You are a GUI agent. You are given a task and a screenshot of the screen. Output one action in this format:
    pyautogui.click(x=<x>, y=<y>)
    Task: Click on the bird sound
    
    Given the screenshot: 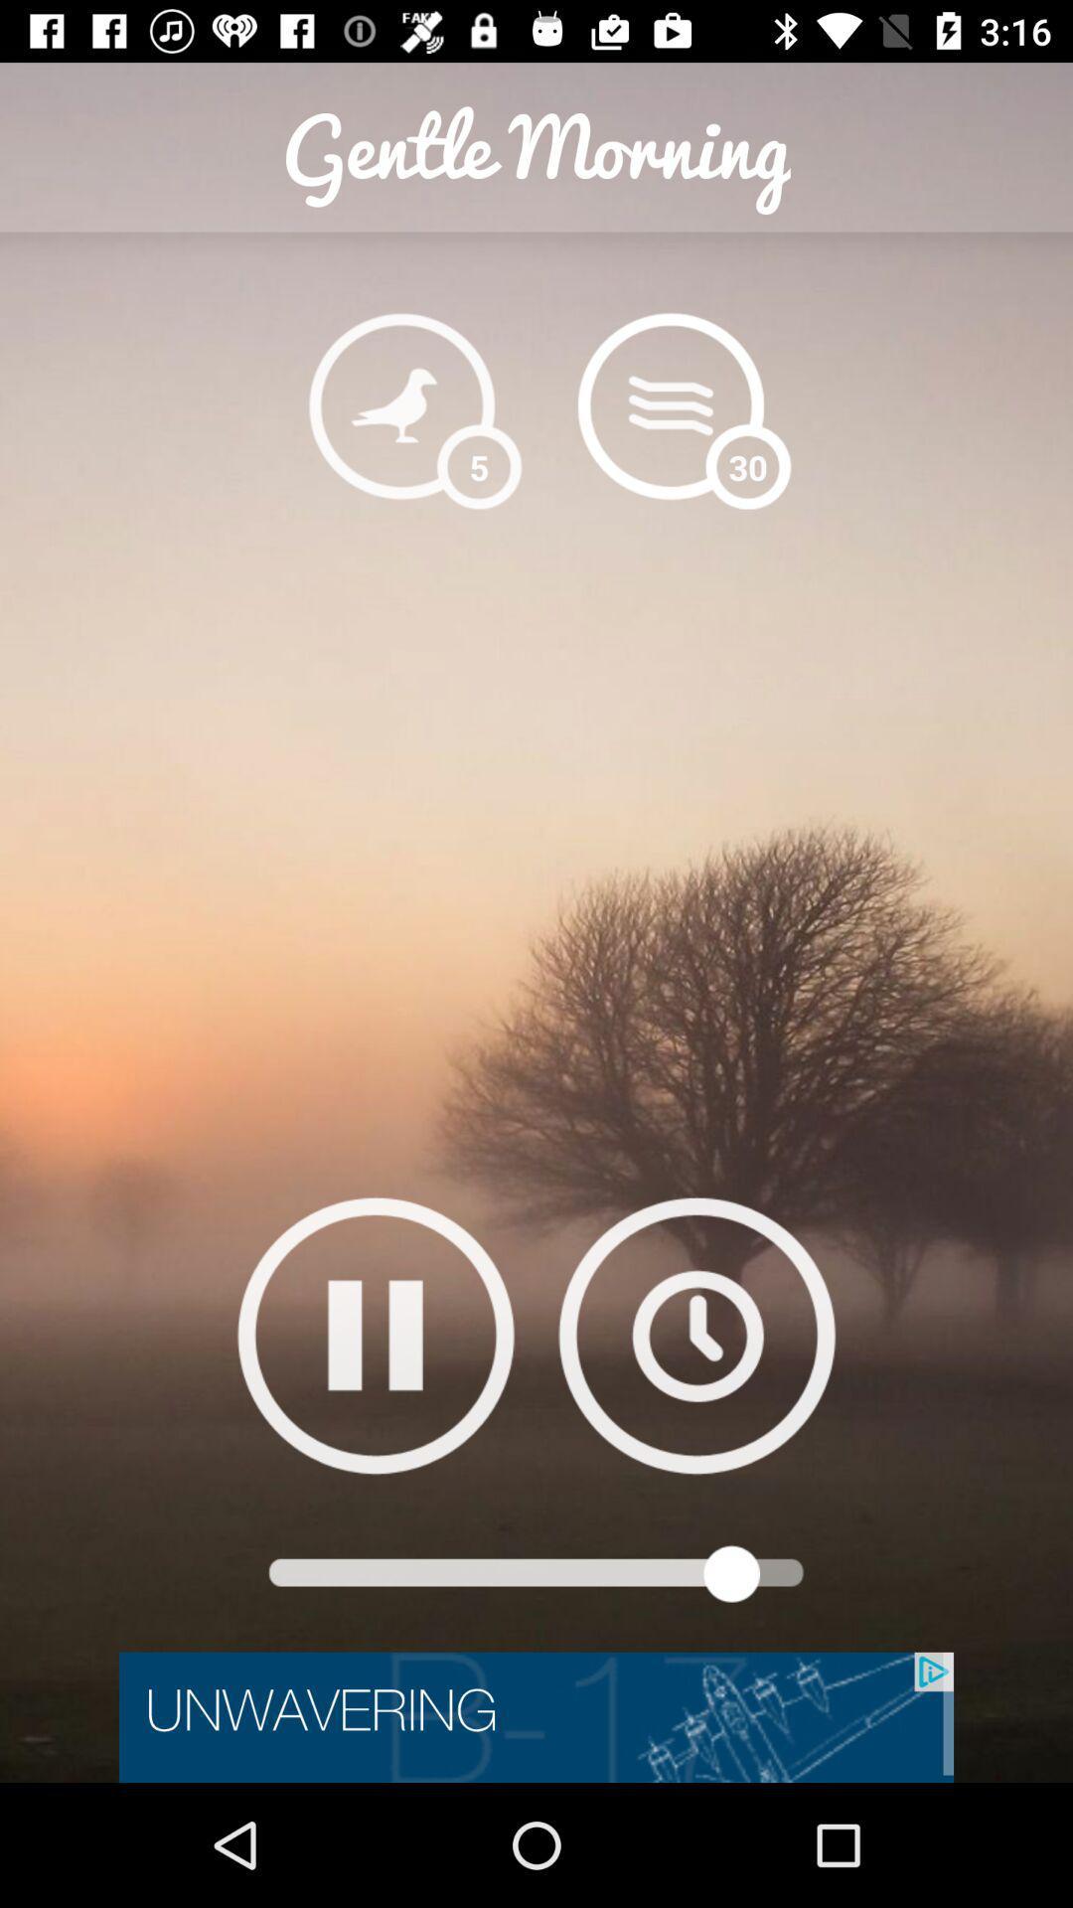 What is the action you would take?
    pyautogui.click(x=401, y=404)
    